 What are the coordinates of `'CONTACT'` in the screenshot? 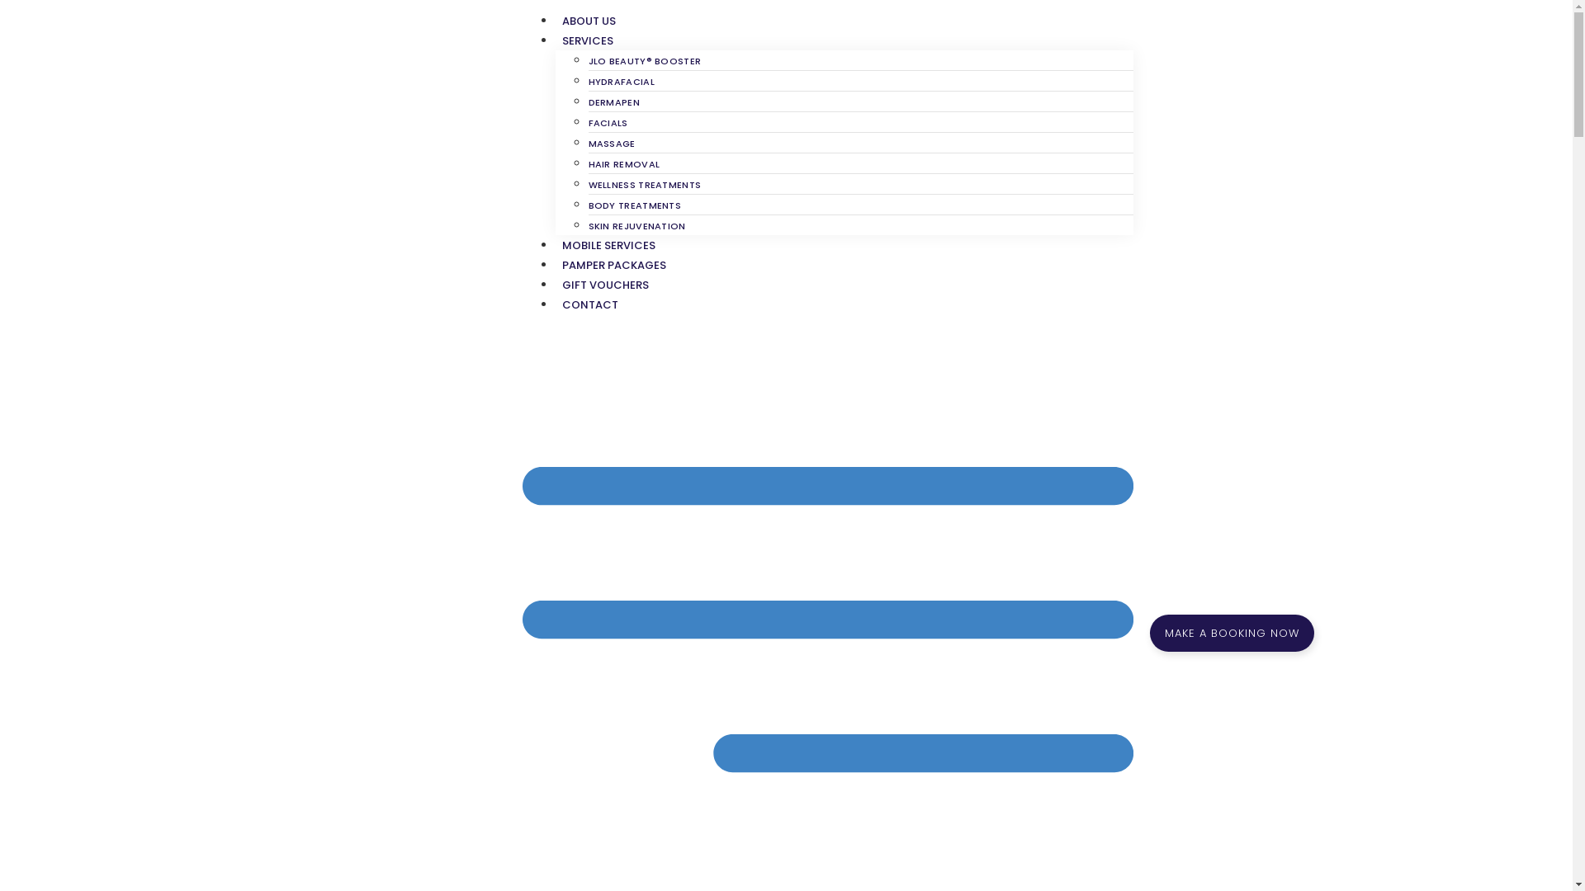 It's located at (589, 304).